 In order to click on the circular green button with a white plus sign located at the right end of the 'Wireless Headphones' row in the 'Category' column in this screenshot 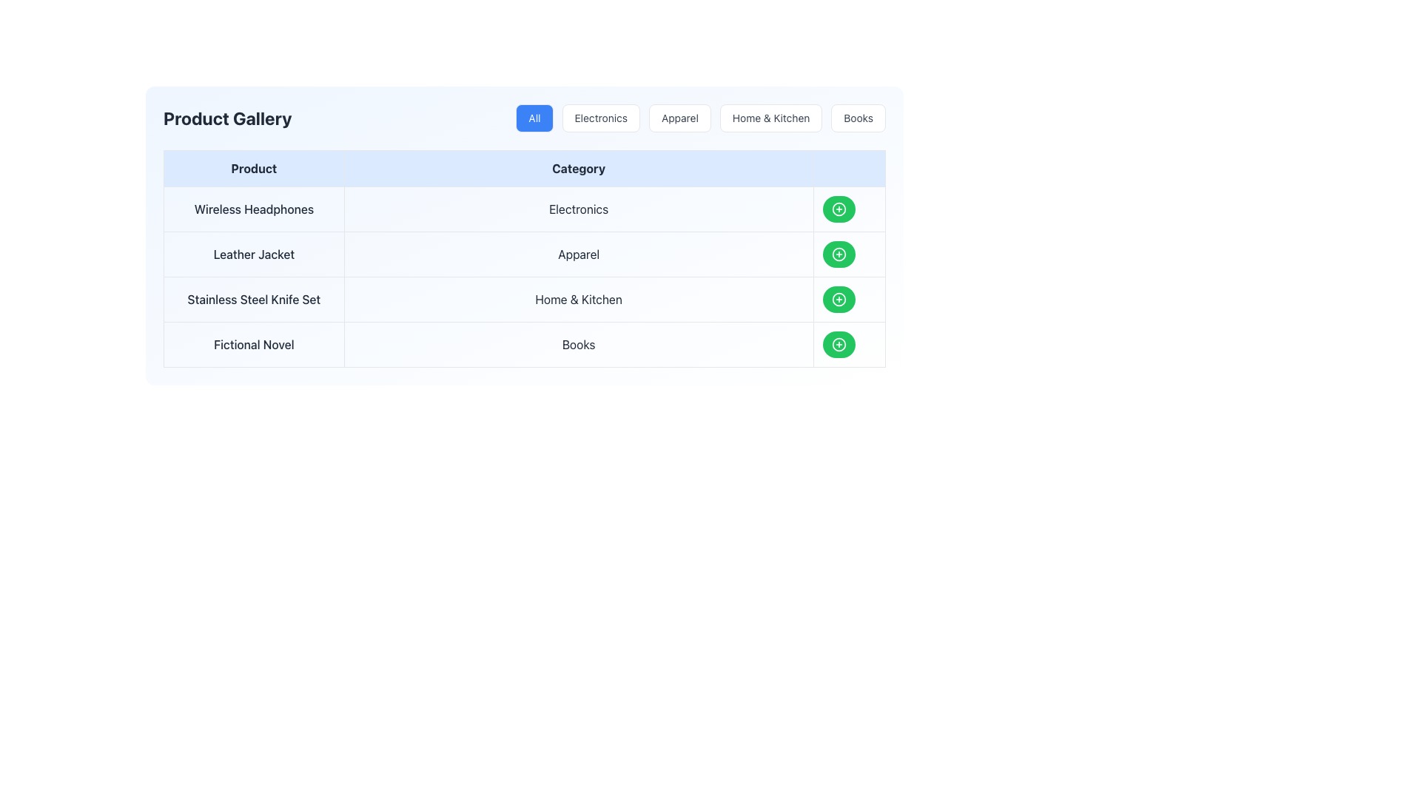, I will do `click(849, 209)`.